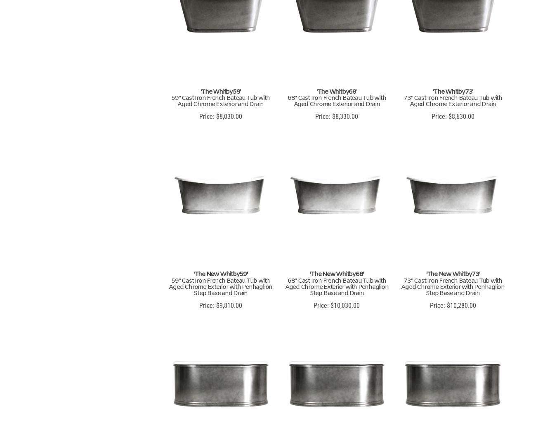 This screenshot has height=423, width=557. Describe the element at coordinates (171, 100) in the screenshot. I see `'59" Cast Iron French Bateau Tub with Aged Chrome Exterior and Drain'` at that location.